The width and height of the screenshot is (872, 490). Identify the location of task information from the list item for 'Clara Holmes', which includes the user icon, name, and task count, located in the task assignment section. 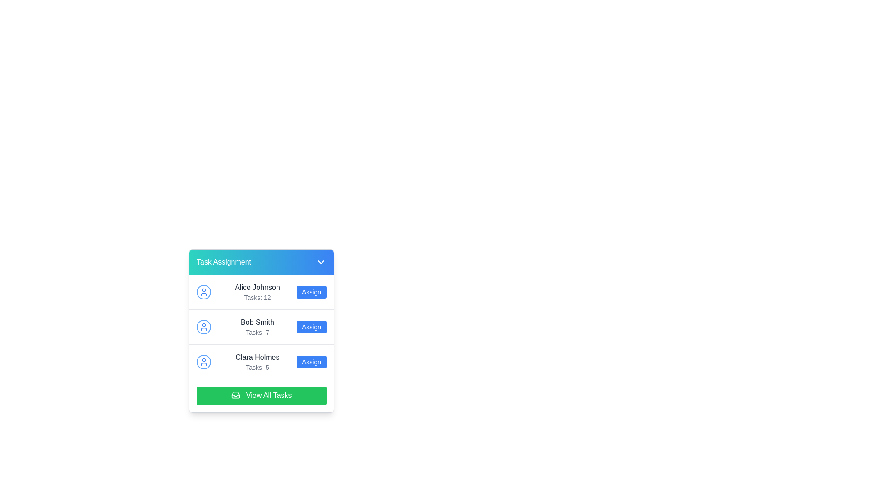
(261, 361).